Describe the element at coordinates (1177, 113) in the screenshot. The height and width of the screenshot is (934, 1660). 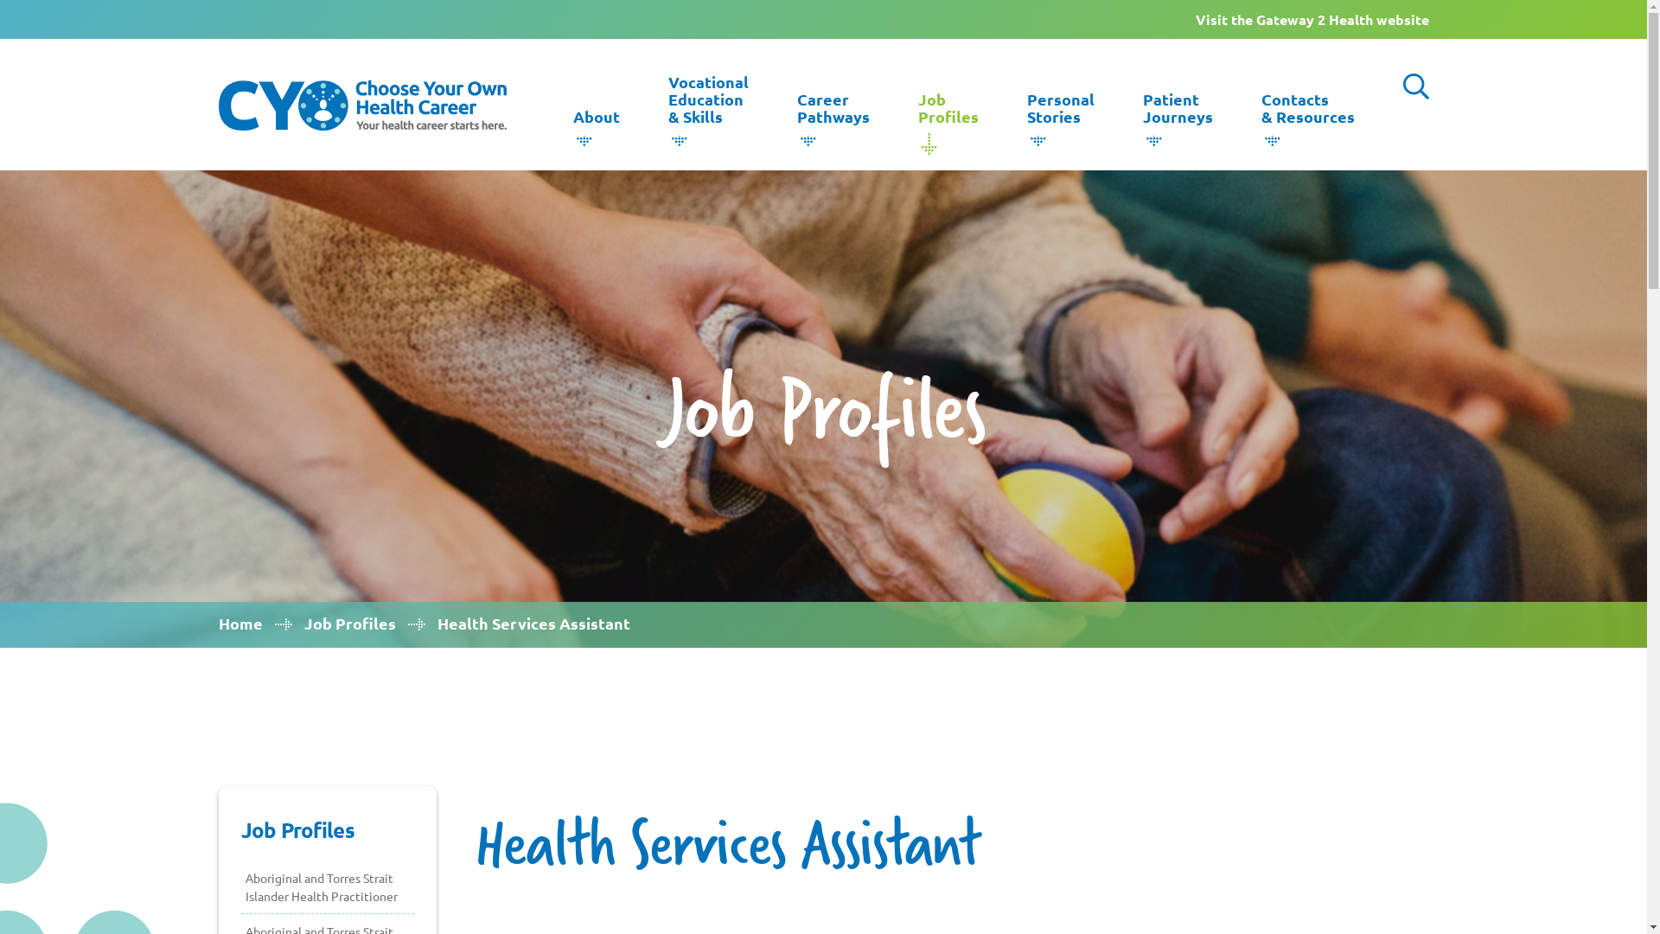
I see `'Patient` at that location.